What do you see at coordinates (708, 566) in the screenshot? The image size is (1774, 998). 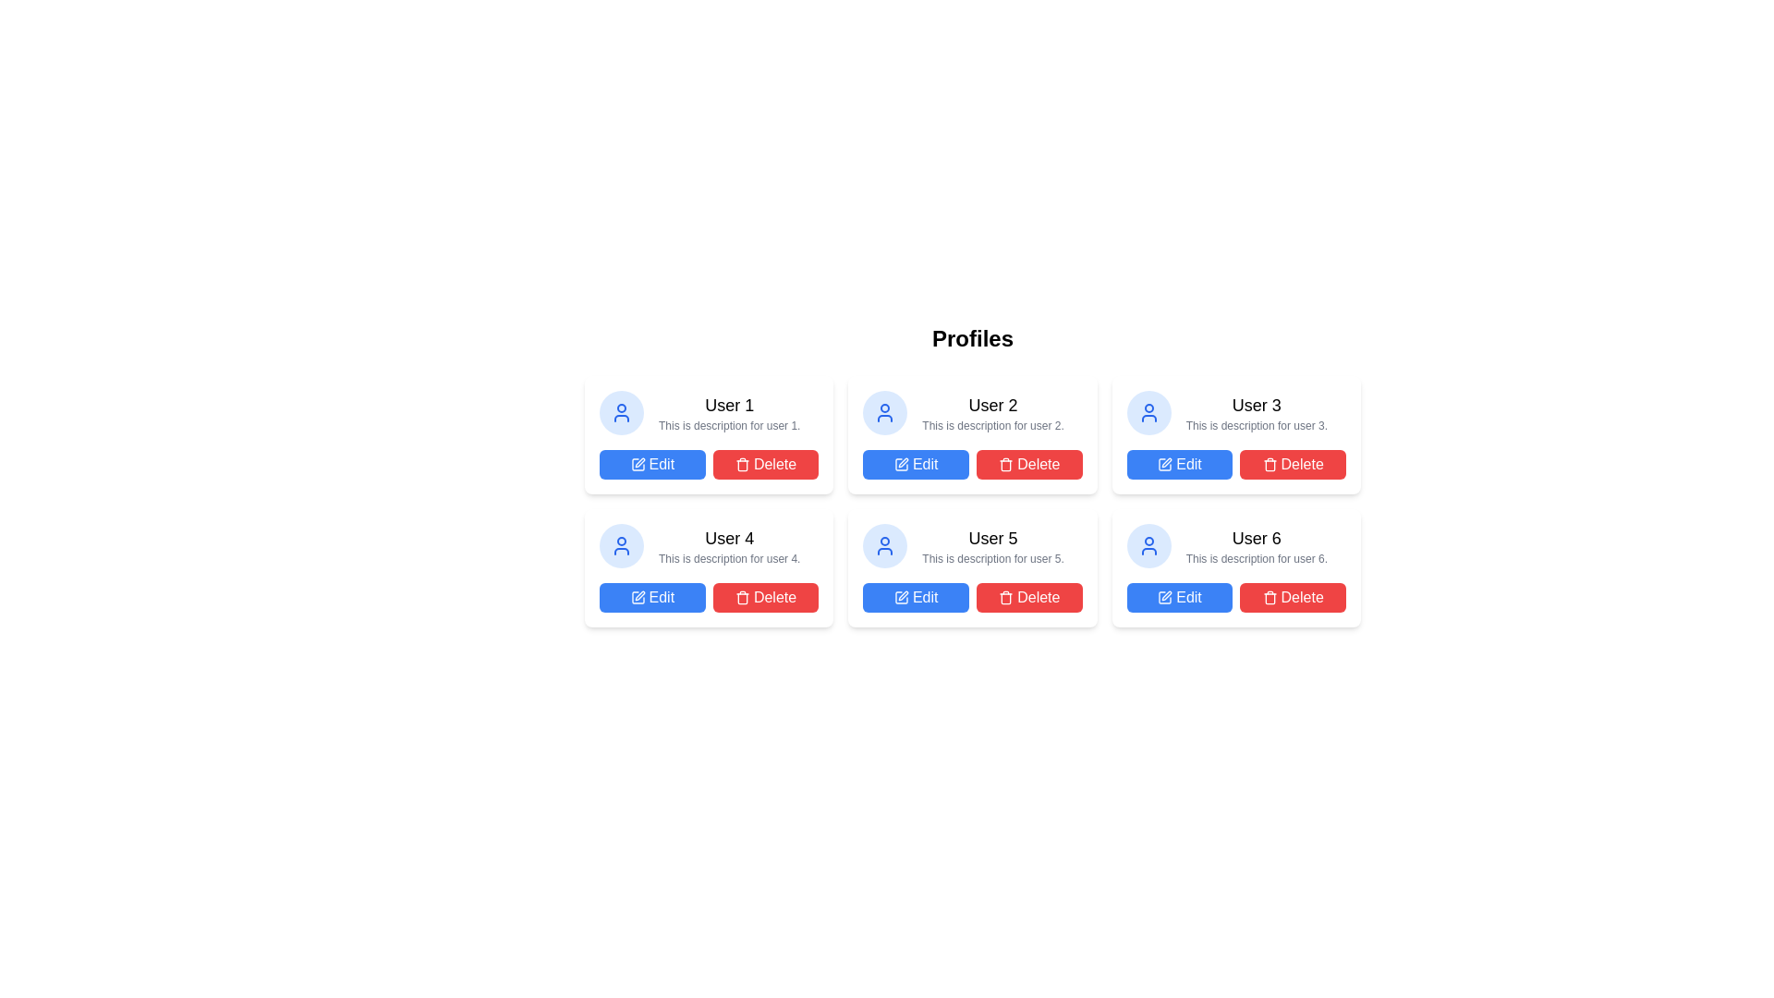 I see `the action buttons on the fourth card in the grid layout, located in the second row, first column` at bounding box center [708, 566].